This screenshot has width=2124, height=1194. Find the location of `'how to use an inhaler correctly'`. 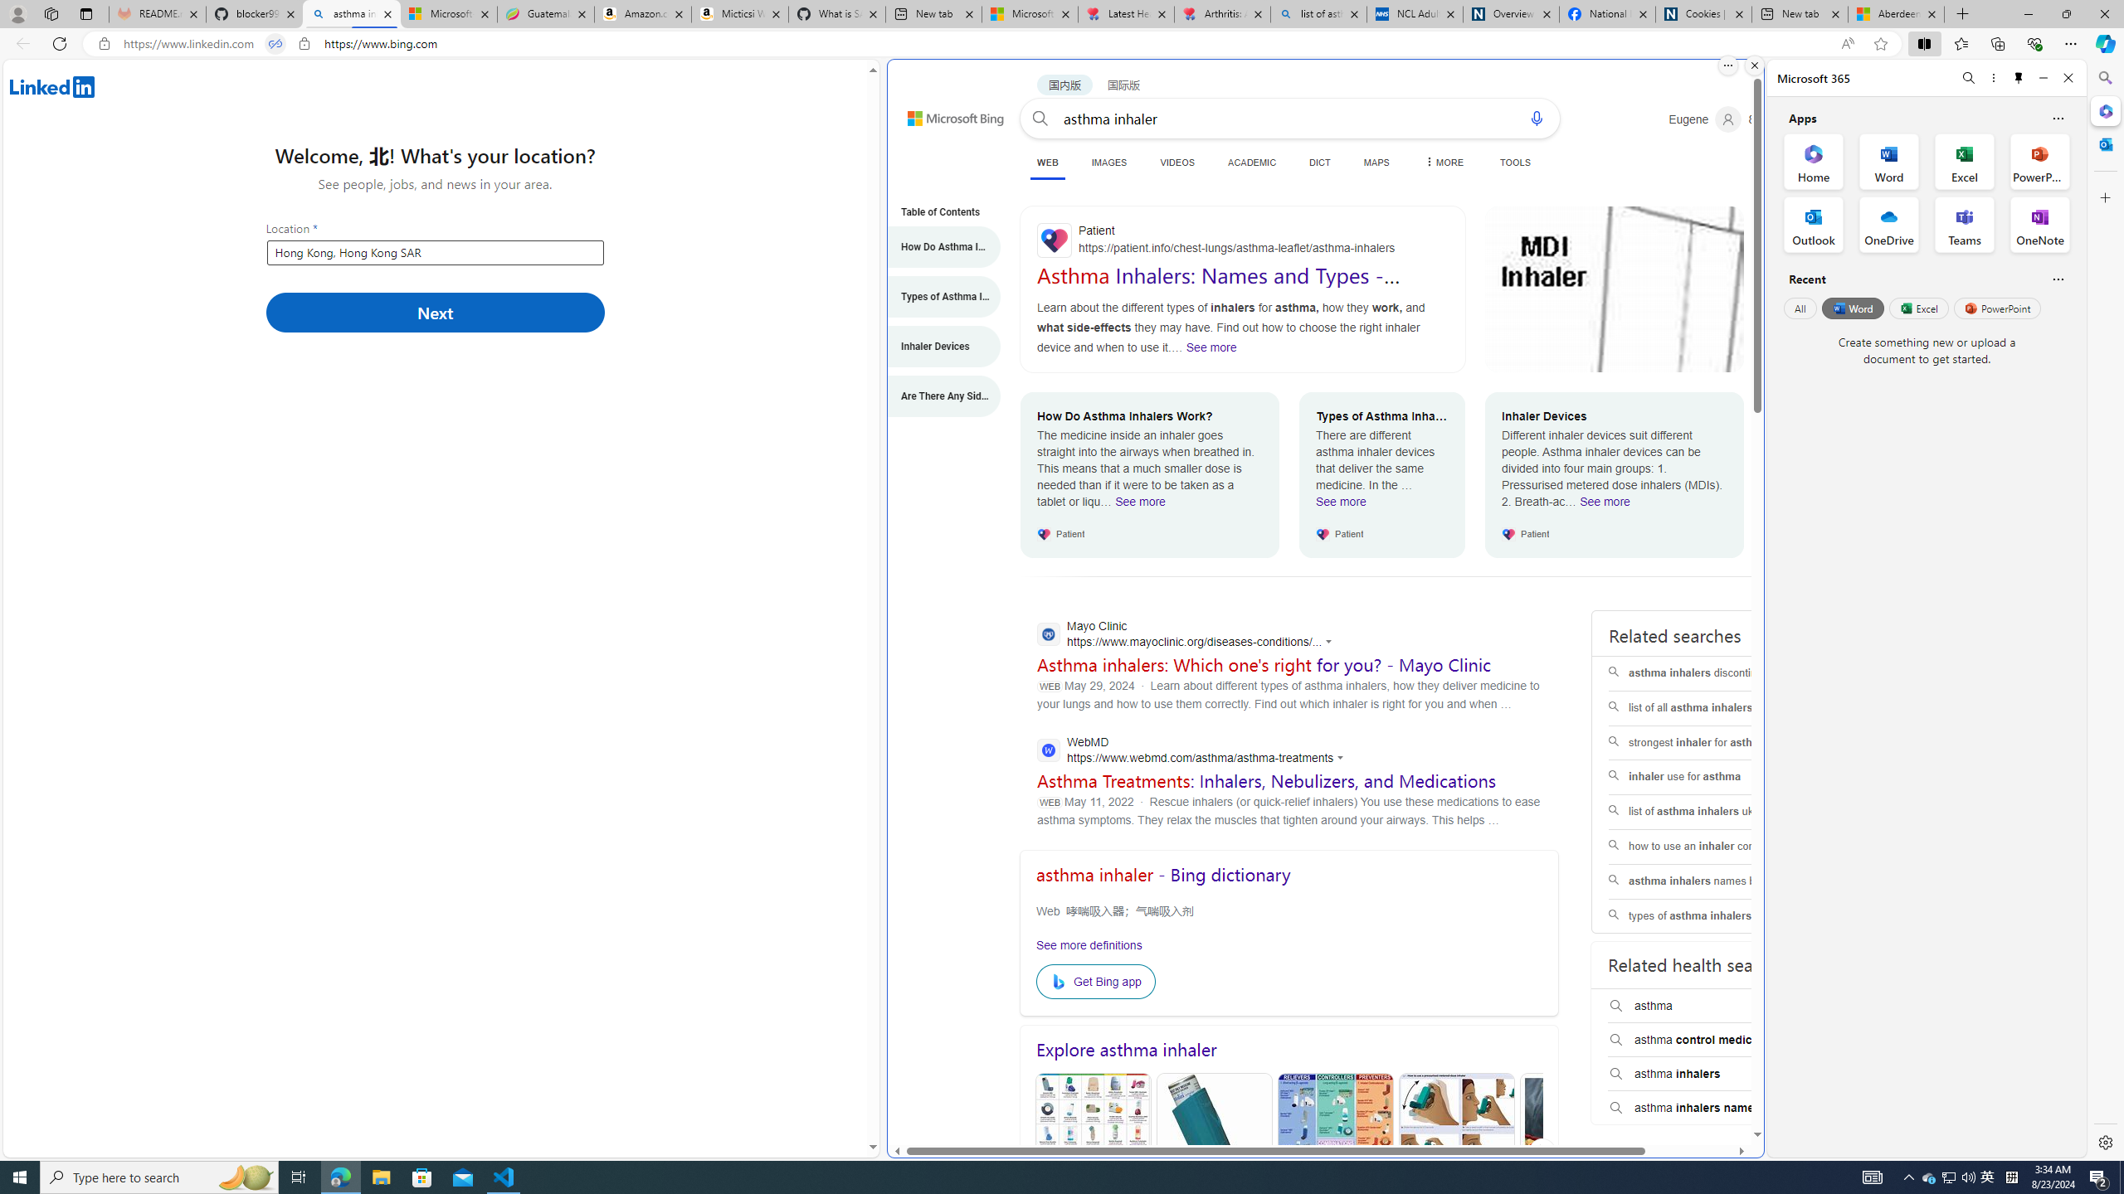

'how to use an inhaler correctly' is located at coordinates (1712, 845).